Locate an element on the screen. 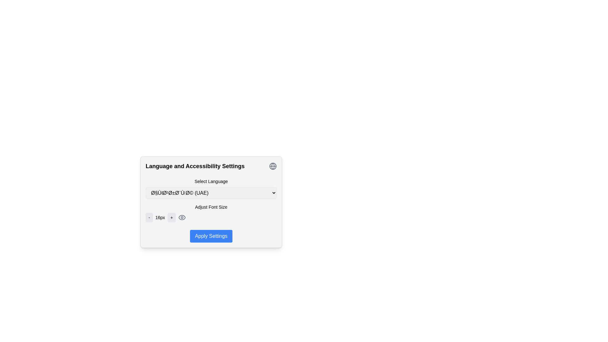 The height and width of the screenshot is (342, 608). the eye-shaped visibility icon located in the 'Language and Accessibility Settings' dialog, near the 'Adjust Font Size' section is located at coordinates (182, 217).